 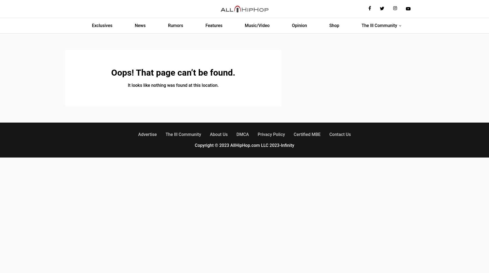 What do you see at coordinates (140, 25) in the screenshot?
I see `'News'` at bounding box center [140, 25].